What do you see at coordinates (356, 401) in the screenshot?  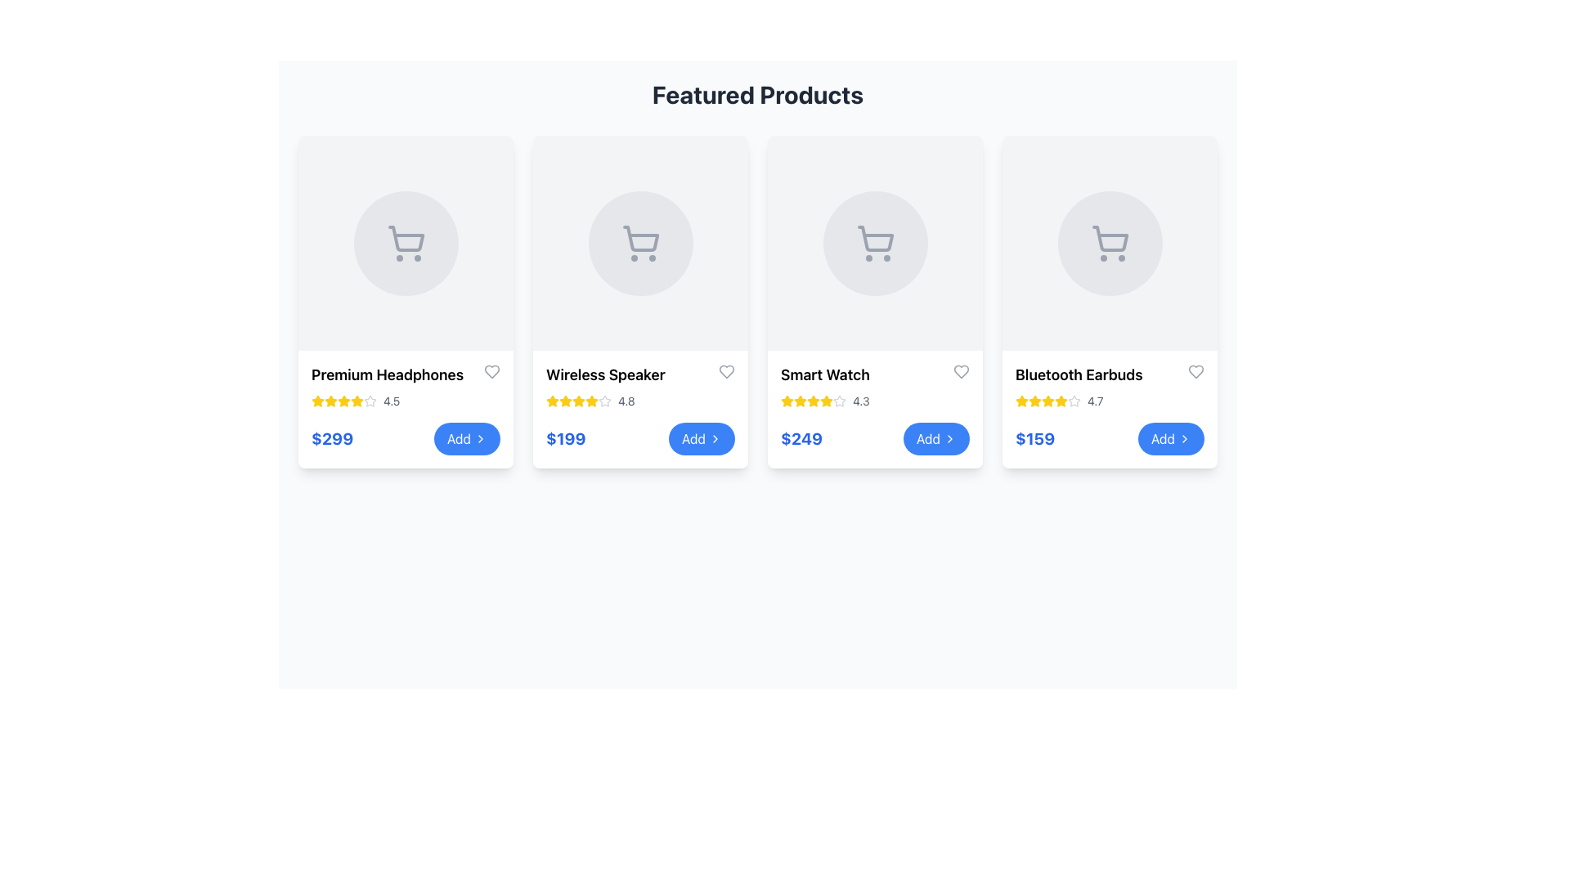 I see `the first star of the star rating system representing the user's rating for the product 'Premium Headphones'` at bounding box center [356, 401].